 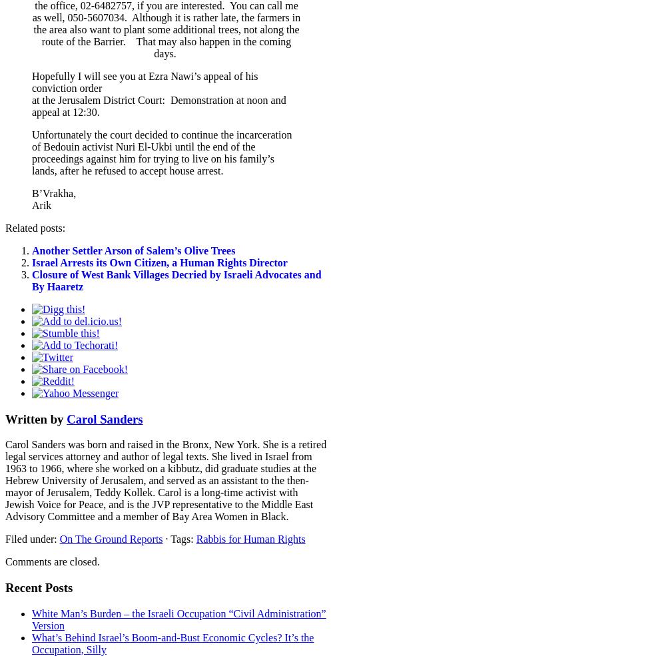 I want to click on 'Recent Posts', so click(x=38, y=587).